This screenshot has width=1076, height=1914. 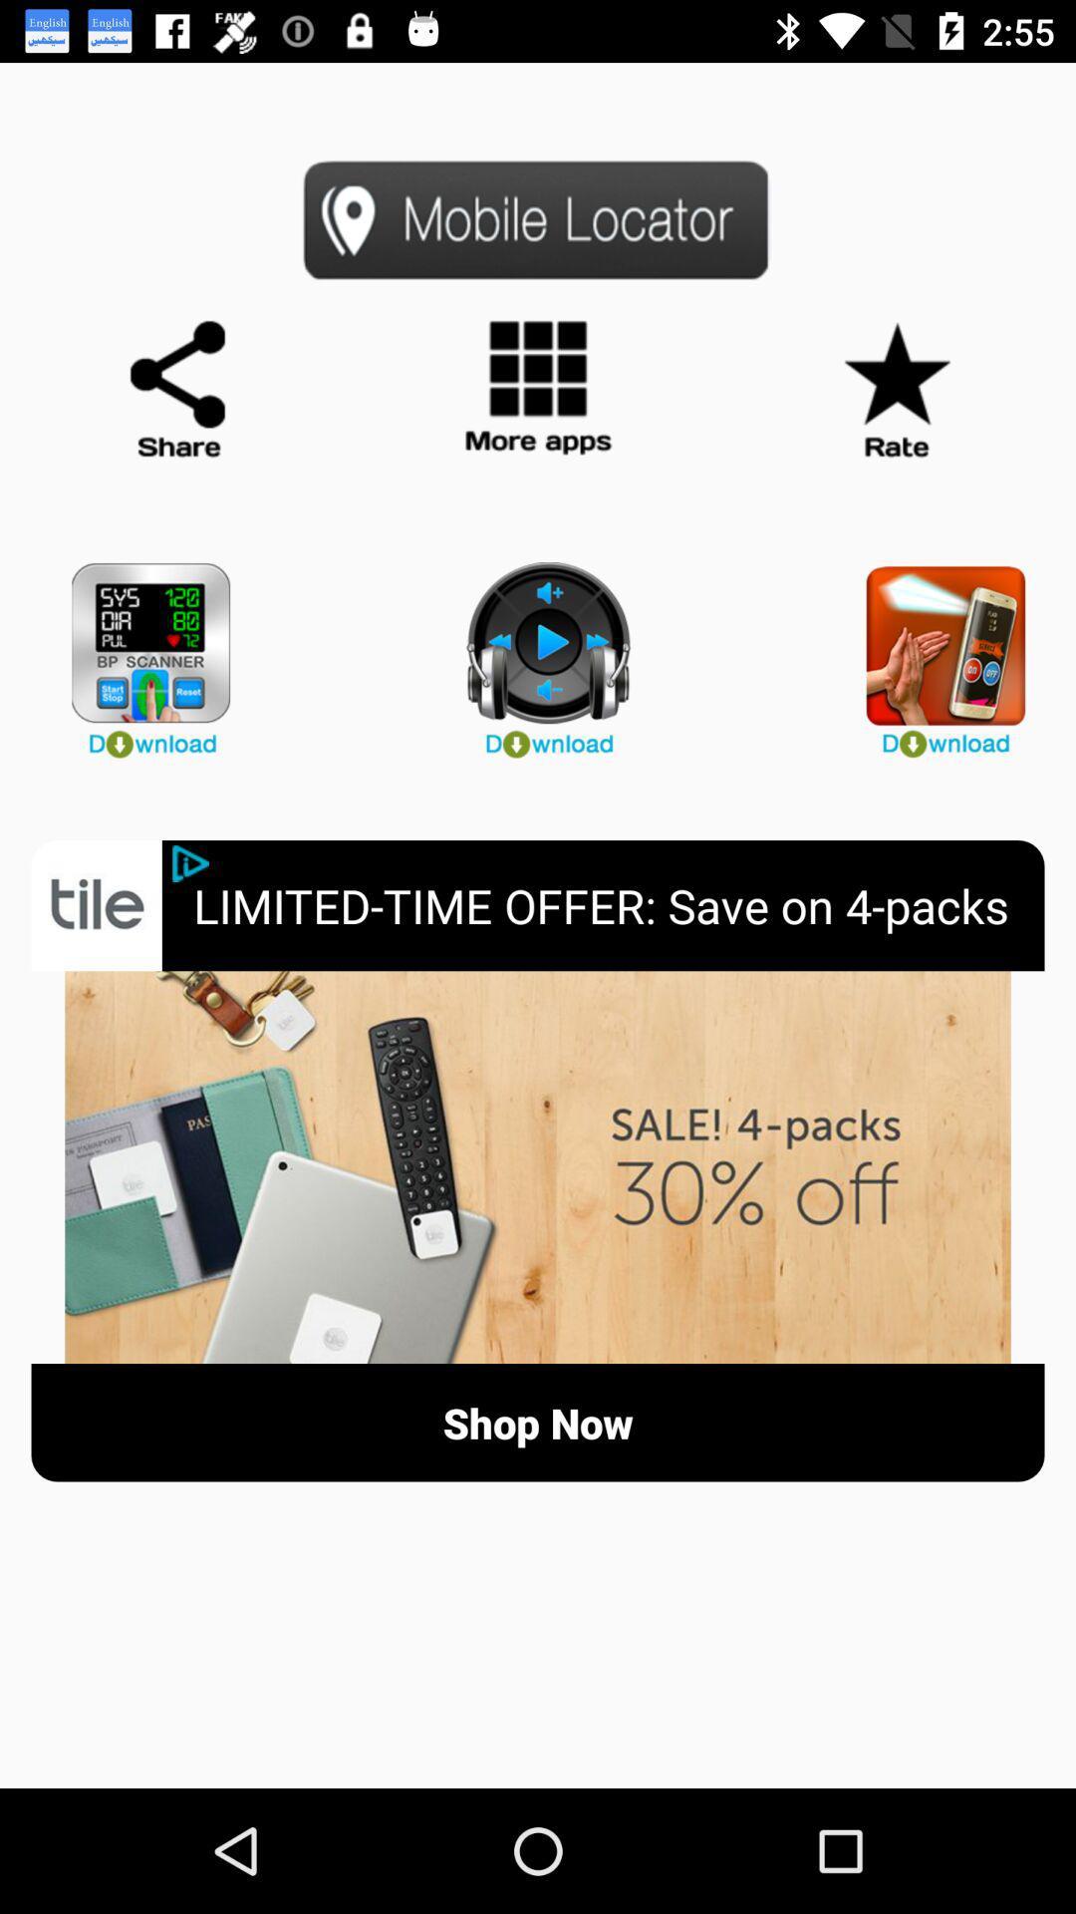 I want to click on rate the application, so click(x=895, y=390).